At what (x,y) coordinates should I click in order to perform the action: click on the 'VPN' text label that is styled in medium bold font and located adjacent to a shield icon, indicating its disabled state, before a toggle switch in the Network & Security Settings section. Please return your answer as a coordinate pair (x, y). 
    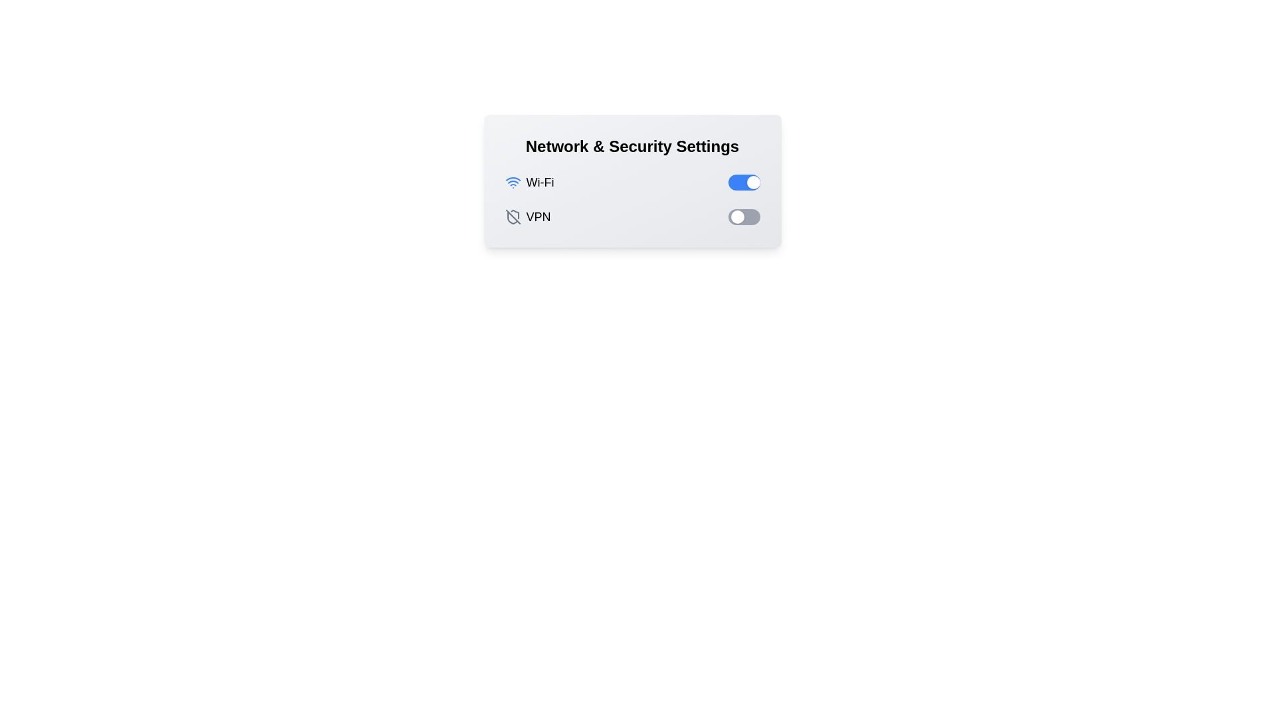
    Looking at the image, I should click on (539, 216).